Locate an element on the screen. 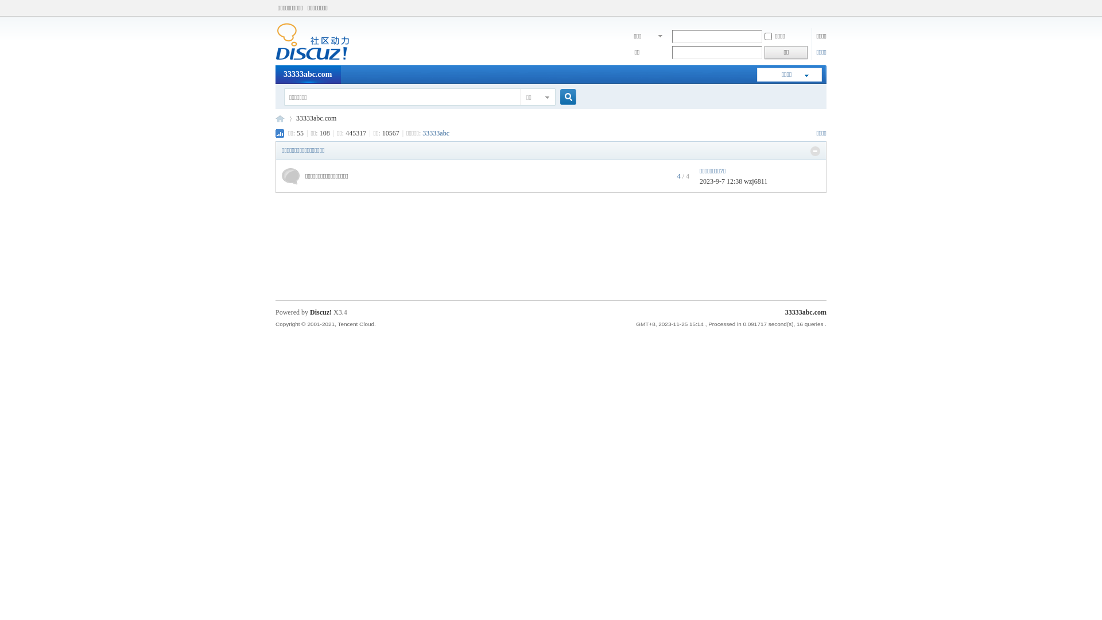 The height and width of the screenshot is (620, 1102). '33333abc' is located at coordinates (435, 132).